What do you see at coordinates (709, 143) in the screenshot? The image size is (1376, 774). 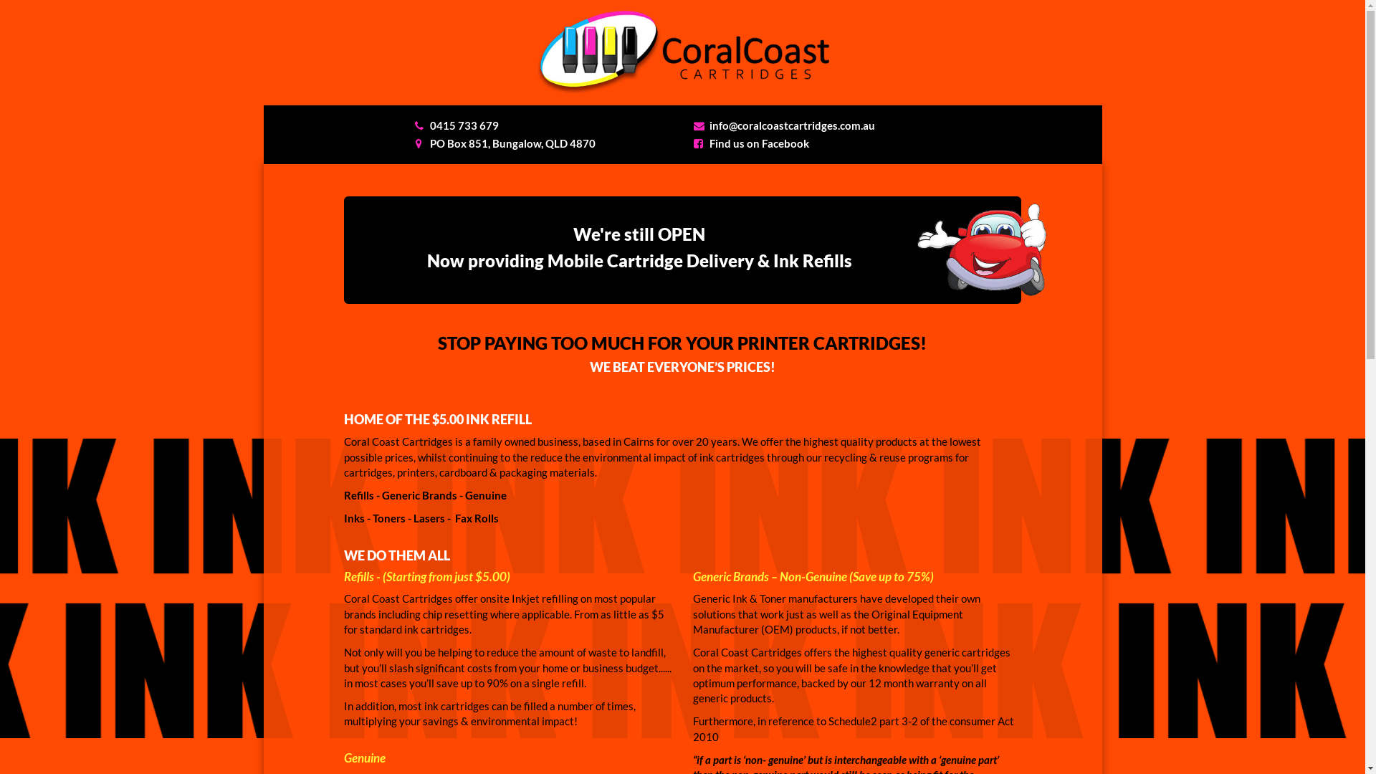 I see `'Find us on Facebook'` at bounding box center [709, 143].